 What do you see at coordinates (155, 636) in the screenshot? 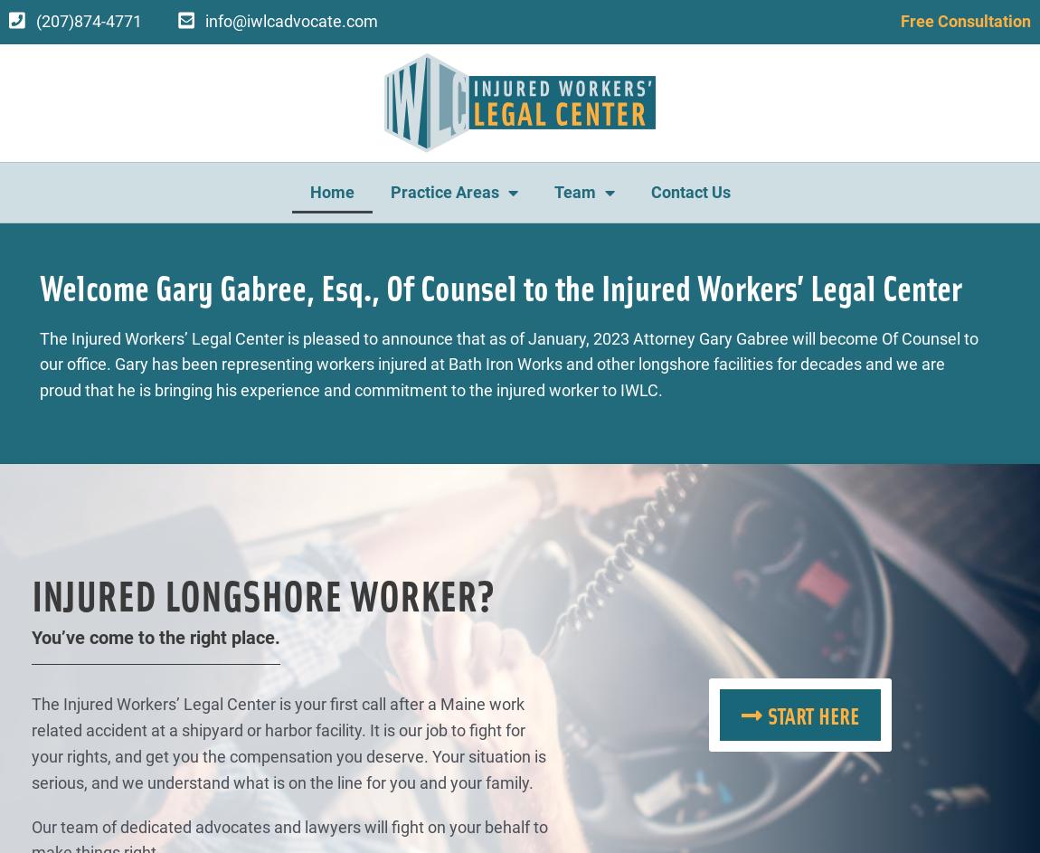
I see `'You’ve come to the right place.'` at bounding box center [155, 636].